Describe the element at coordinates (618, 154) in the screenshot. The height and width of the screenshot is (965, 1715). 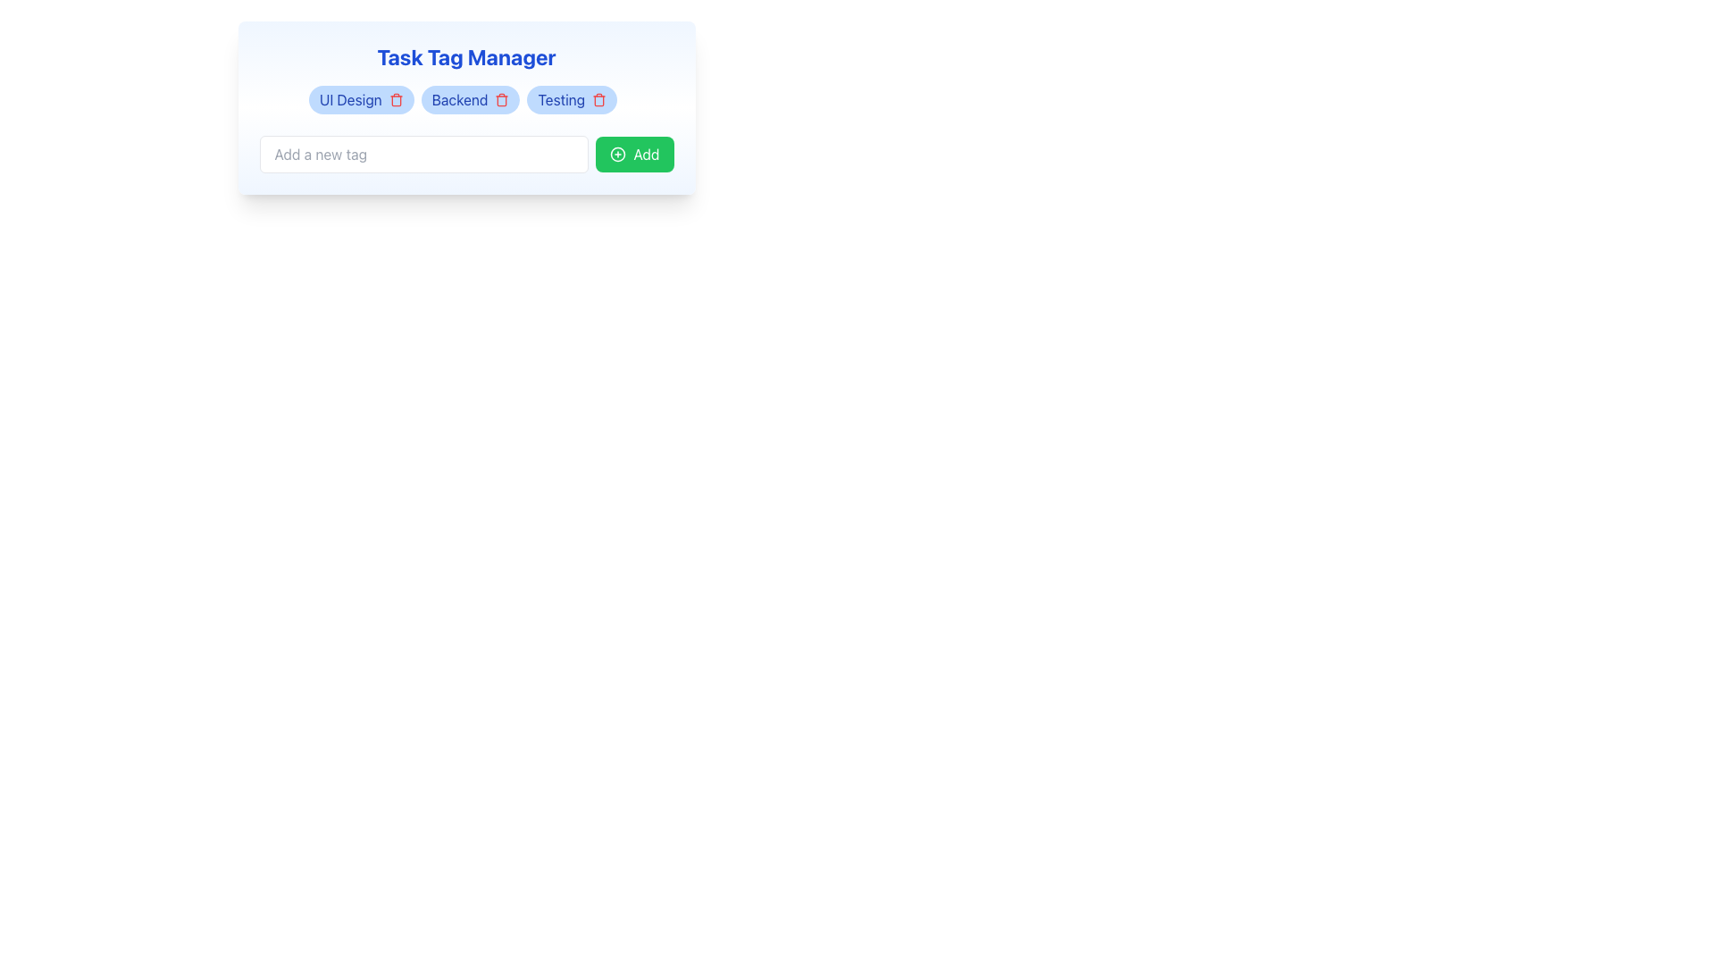
I see `the circular shape within the SVG icon that resembles a circled plus sign, located to the left of the 'Add' text on a green button` at that location.